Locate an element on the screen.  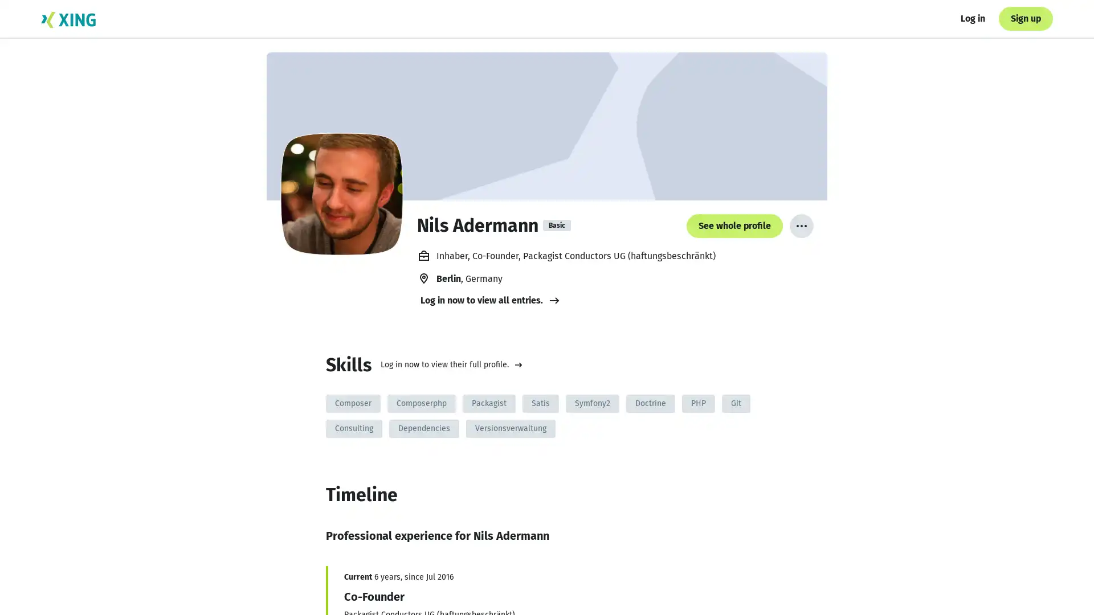
See whole profile is located at coordinates (778, 582).